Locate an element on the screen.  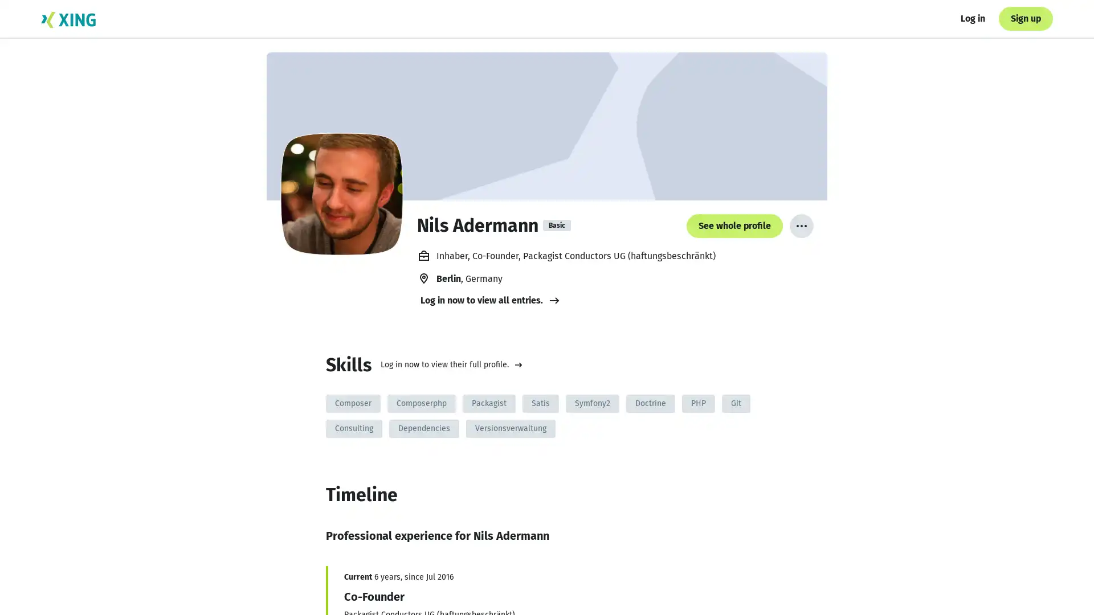
See whole profile is located at coordinates (778, 582).